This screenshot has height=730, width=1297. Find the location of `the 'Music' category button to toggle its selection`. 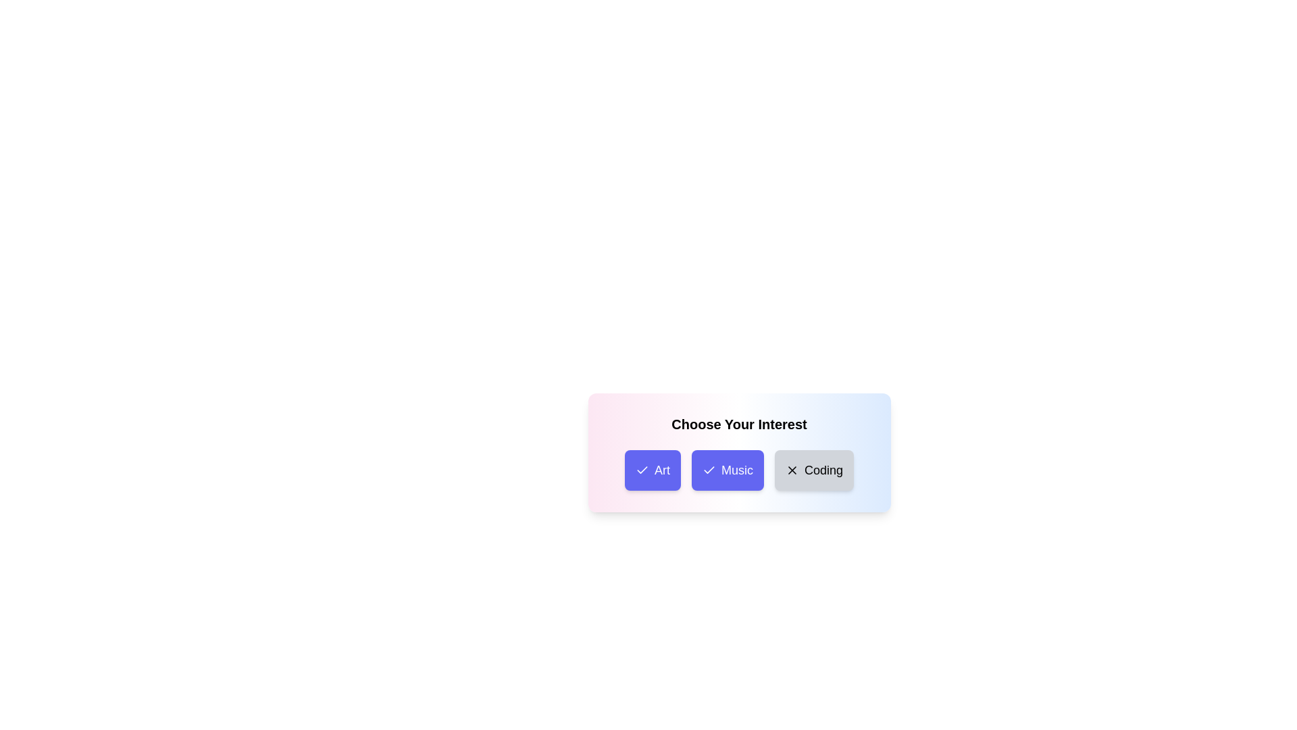

the 'Music' category button to toggle its selection is located at coordinates (727, 469).